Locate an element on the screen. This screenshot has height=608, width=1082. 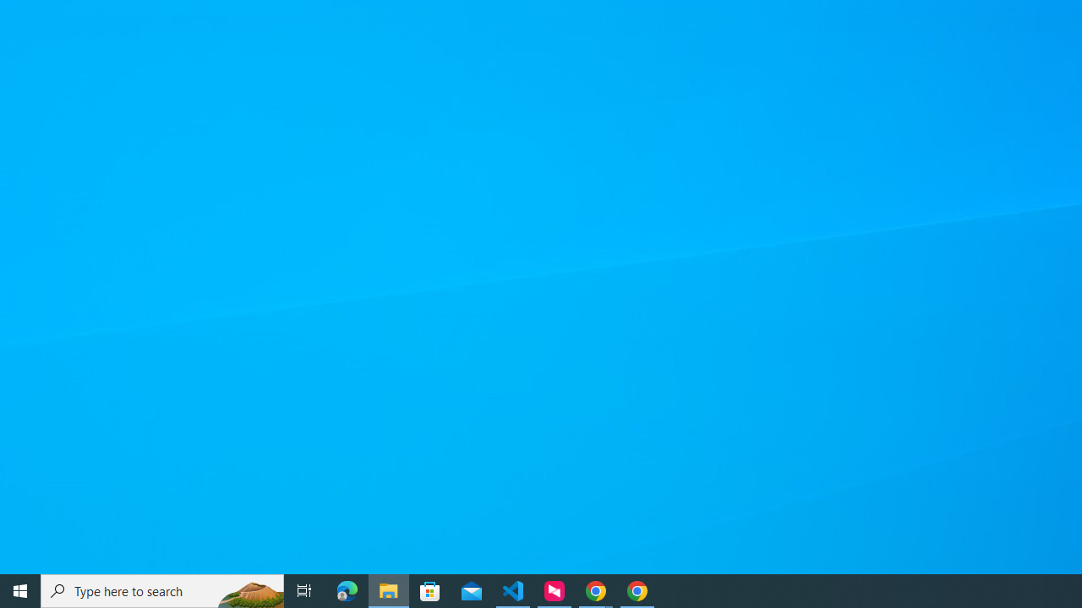
'Google Chrome - 3 running windows' is located at coordinates (596, 589).